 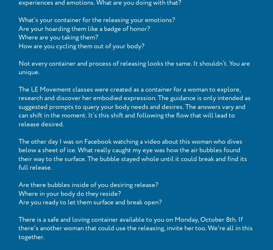 I want to click on 'Are your hoarding them like a badge of honor?', so click(x=84, y=28).